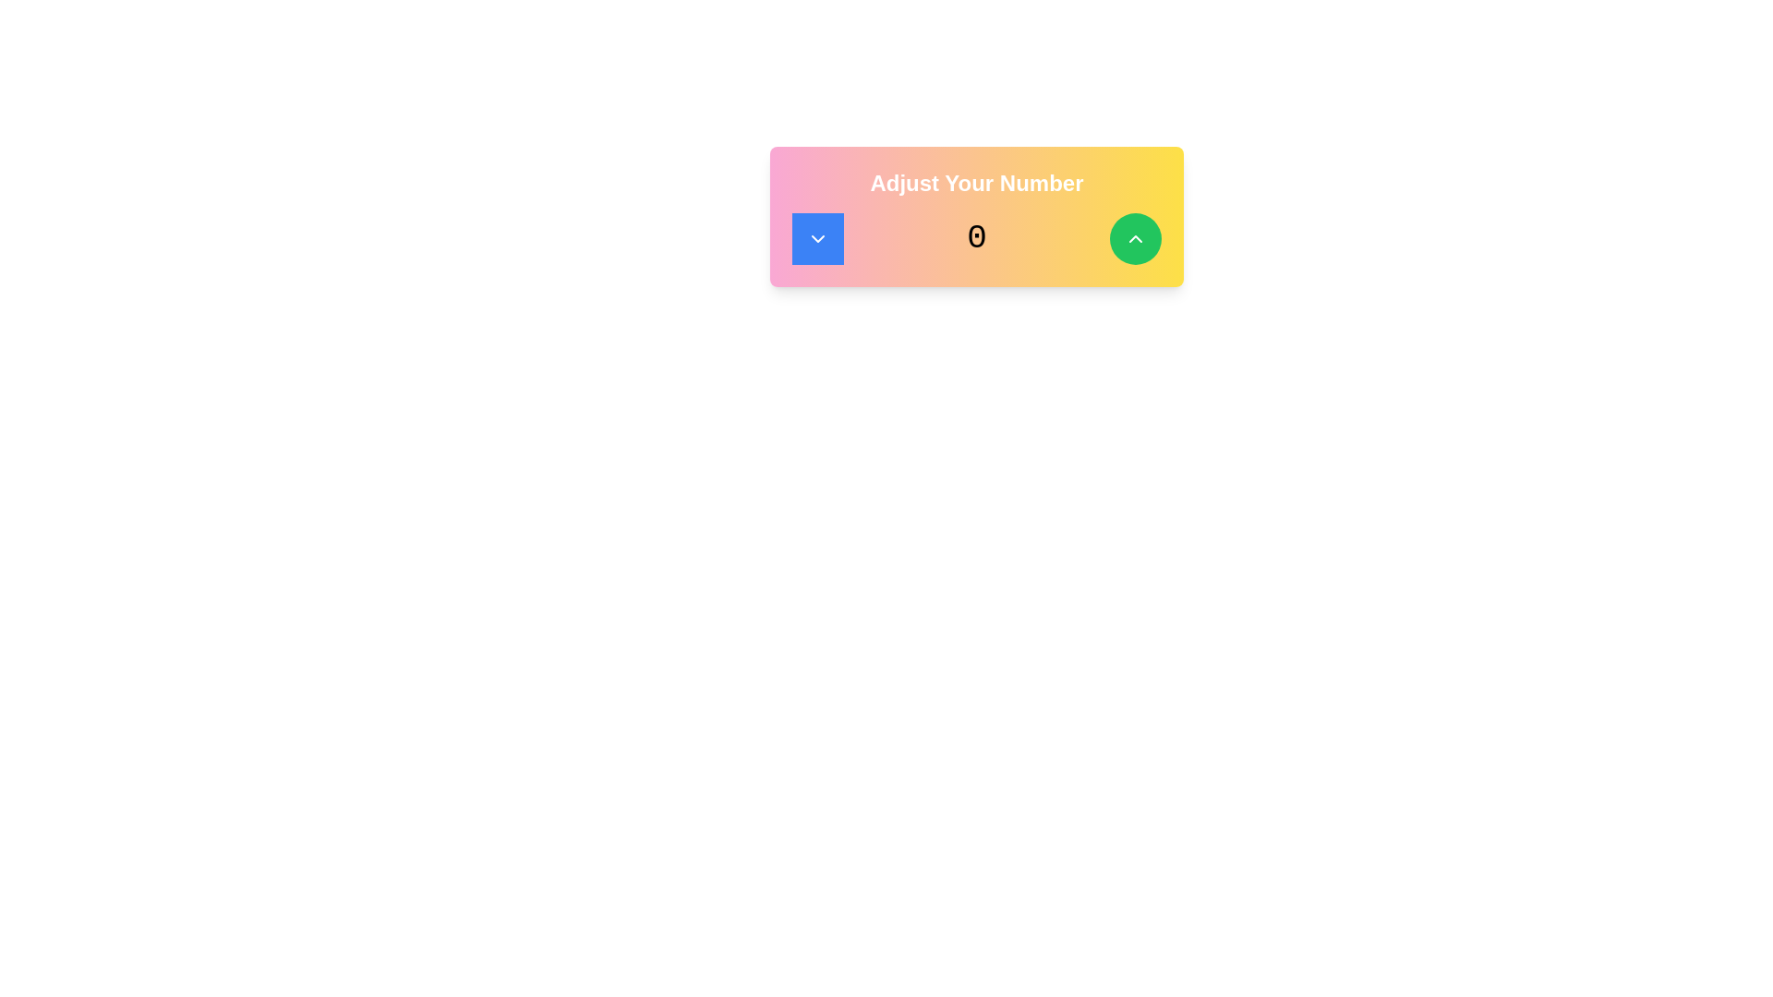  I want to click on the decrement button located to the far left of the numeric display to observe the hover effect, so click(817, 237).